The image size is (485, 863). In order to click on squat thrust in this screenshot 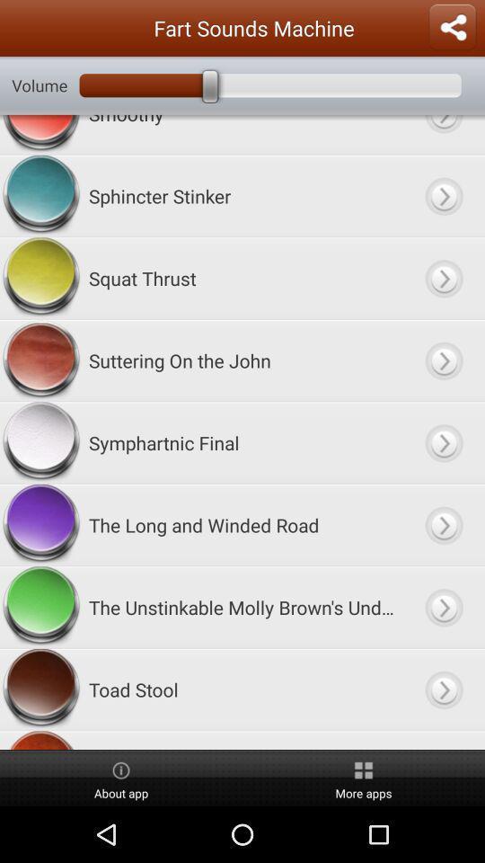, I will do `click(443, 278)`.